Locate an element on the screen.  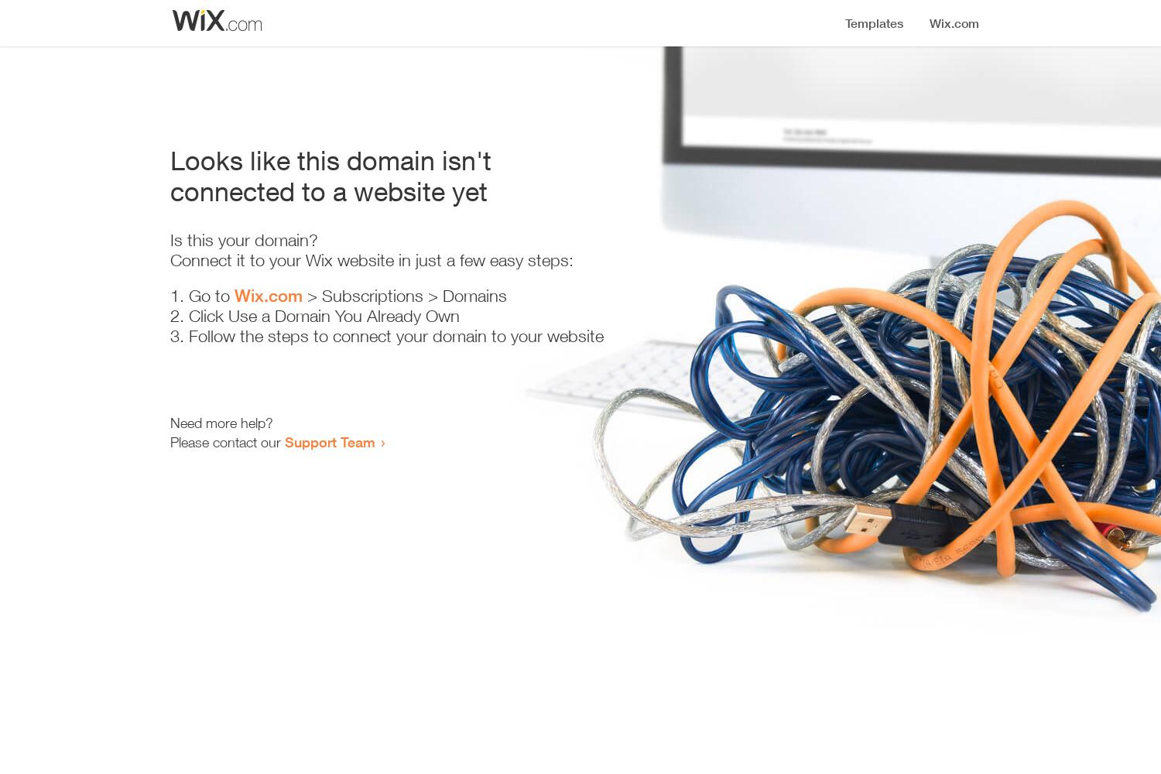
'Wix.com' is located at coordinates (267, 296).